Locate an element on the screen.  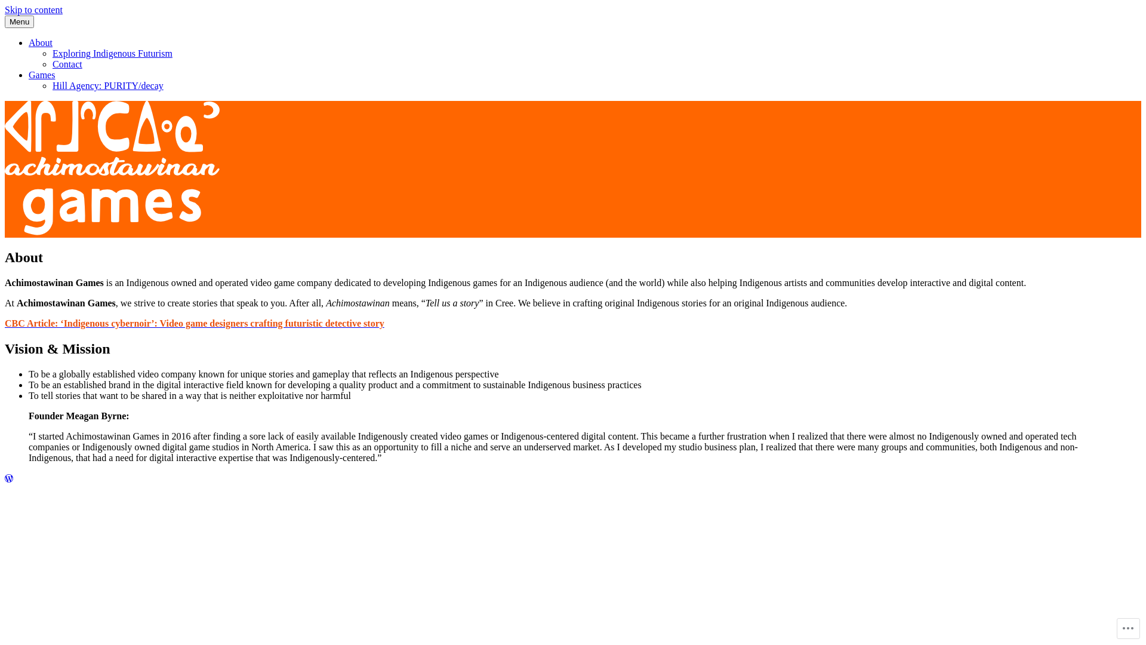
'Contact' is located at coordinates (67, 64).